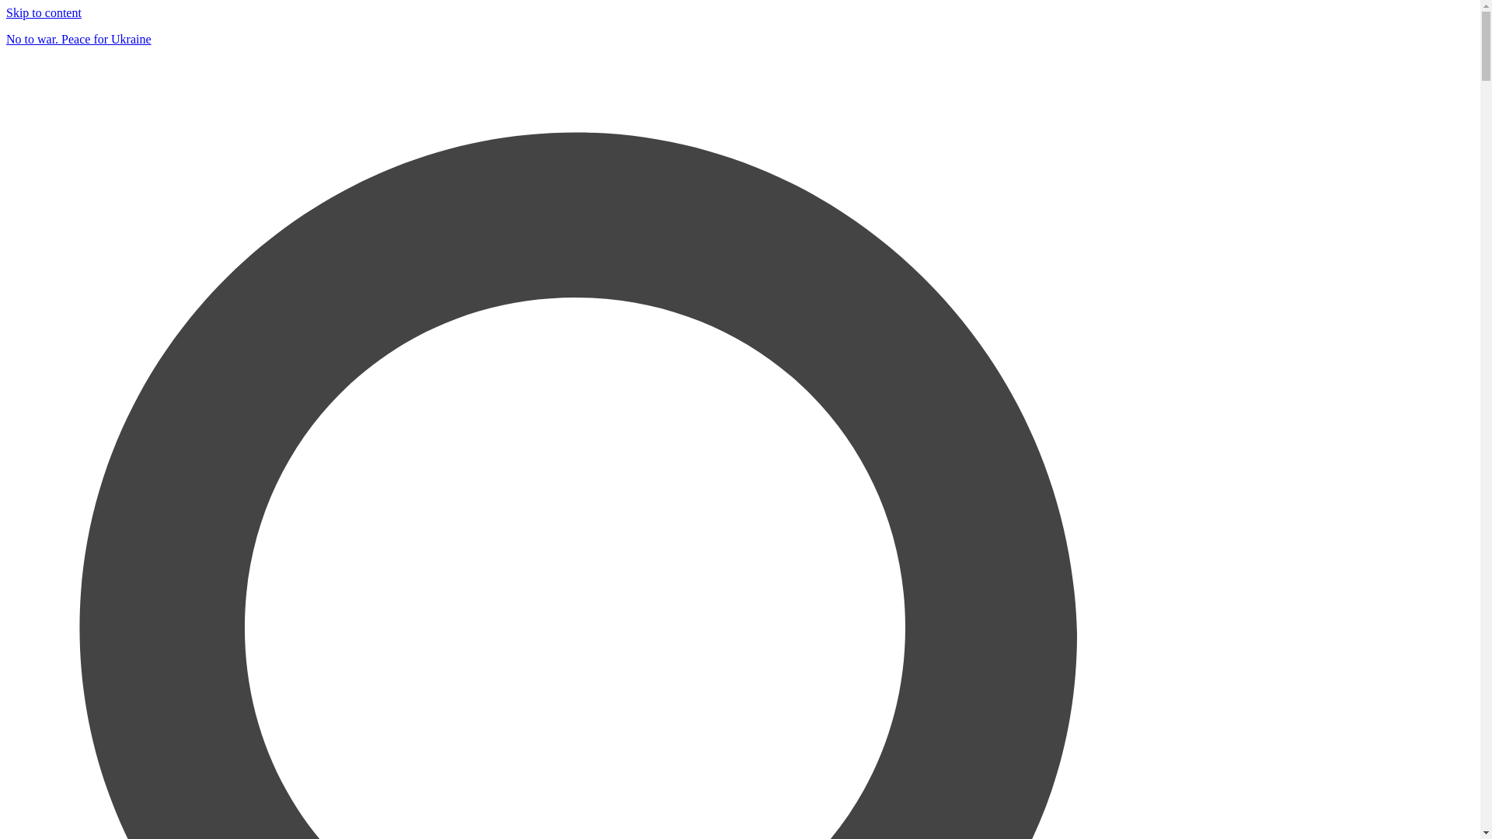 The image size is (1492, 839). Describe the element at coordinates (6, 38) in the screenshot. I see `'No to war. Peace for Ukraine'` at that location.